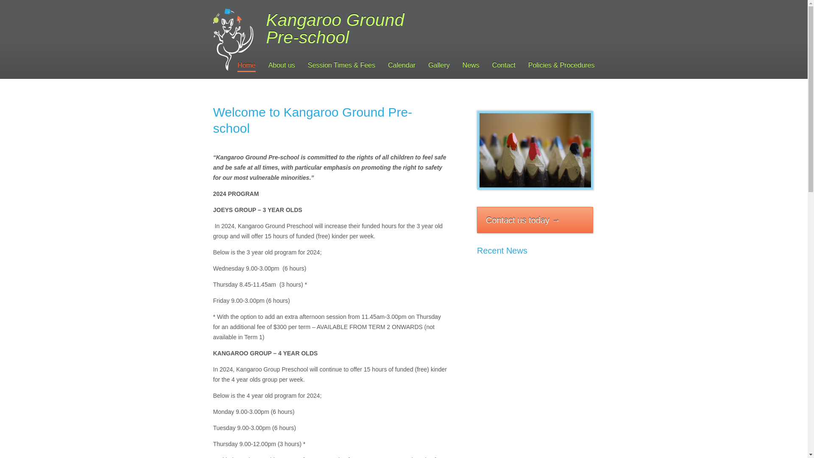 The image size is (814, 458). What do you see at coordinates (246, 65) in the screenshot?
I see `'Home'` at bounding box center [246, 65].